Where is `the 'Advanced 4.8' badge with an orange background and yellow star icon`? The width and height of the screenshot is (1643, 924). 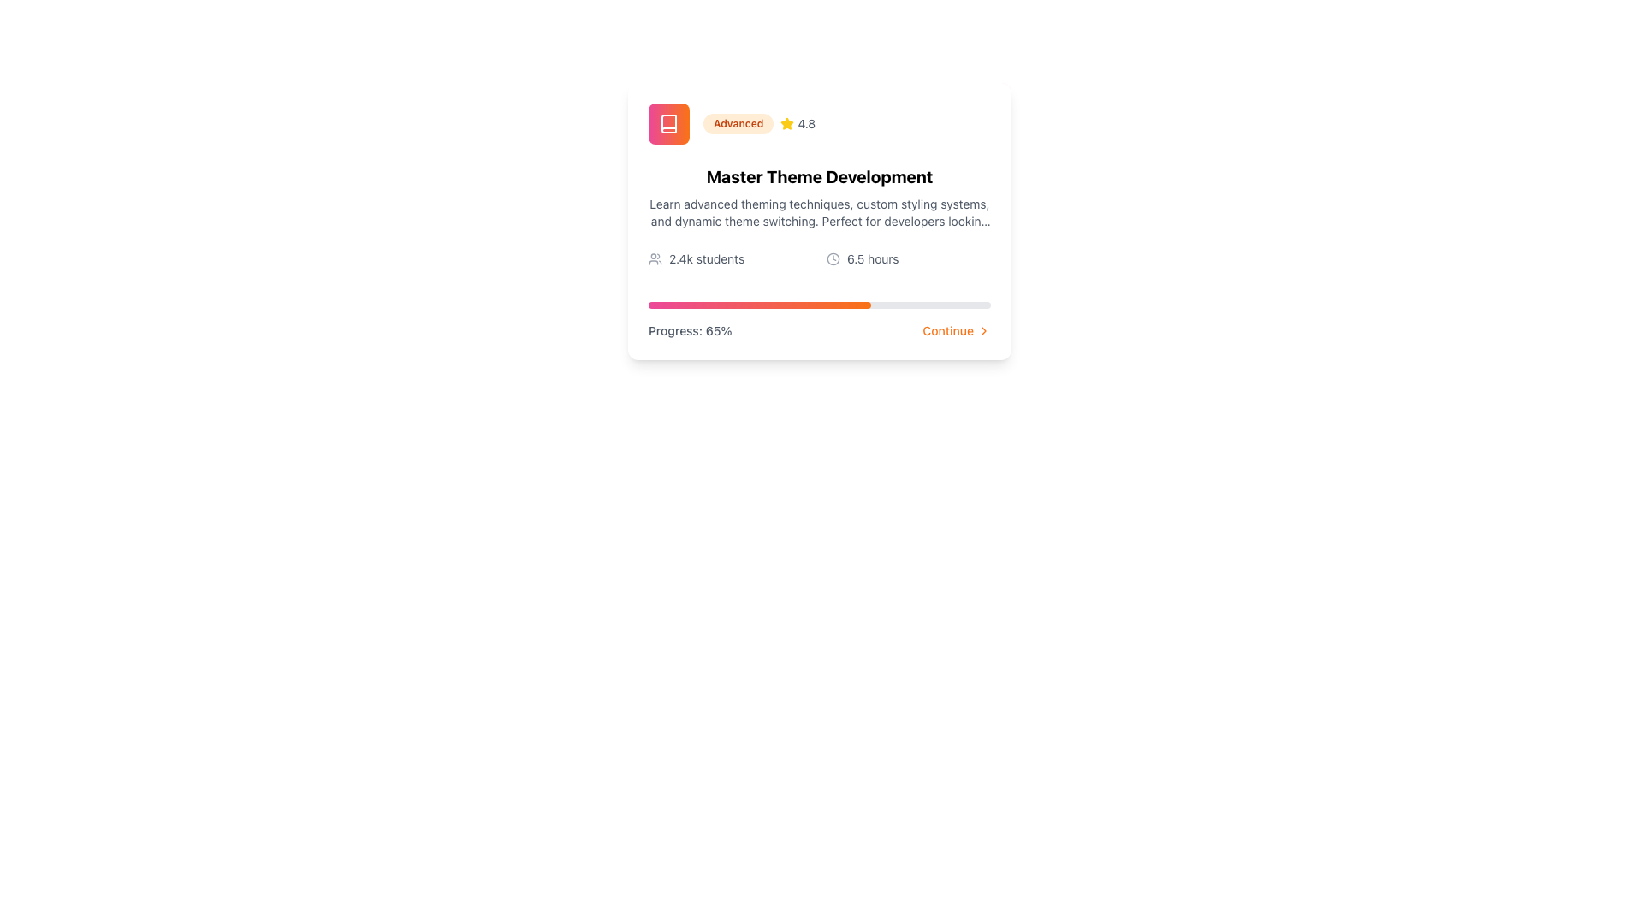
the 'Advanced 4.8' badge with an orange background and yellow star icon is located at coordinates (758, 123).